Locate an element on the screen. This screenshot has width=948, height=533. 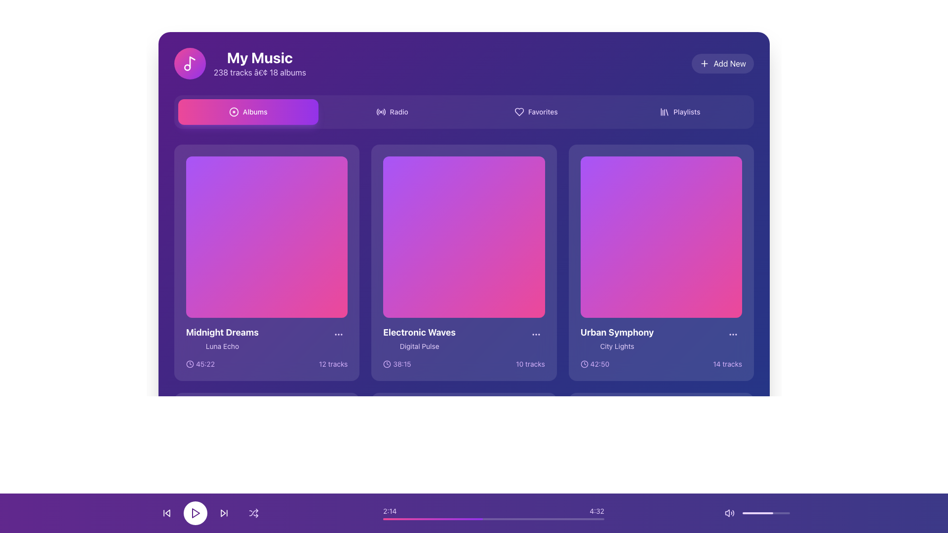
the light purple icon depicting three horizontally aligned dots in the rightmost card of the second row is located at coordinates (733, 334).